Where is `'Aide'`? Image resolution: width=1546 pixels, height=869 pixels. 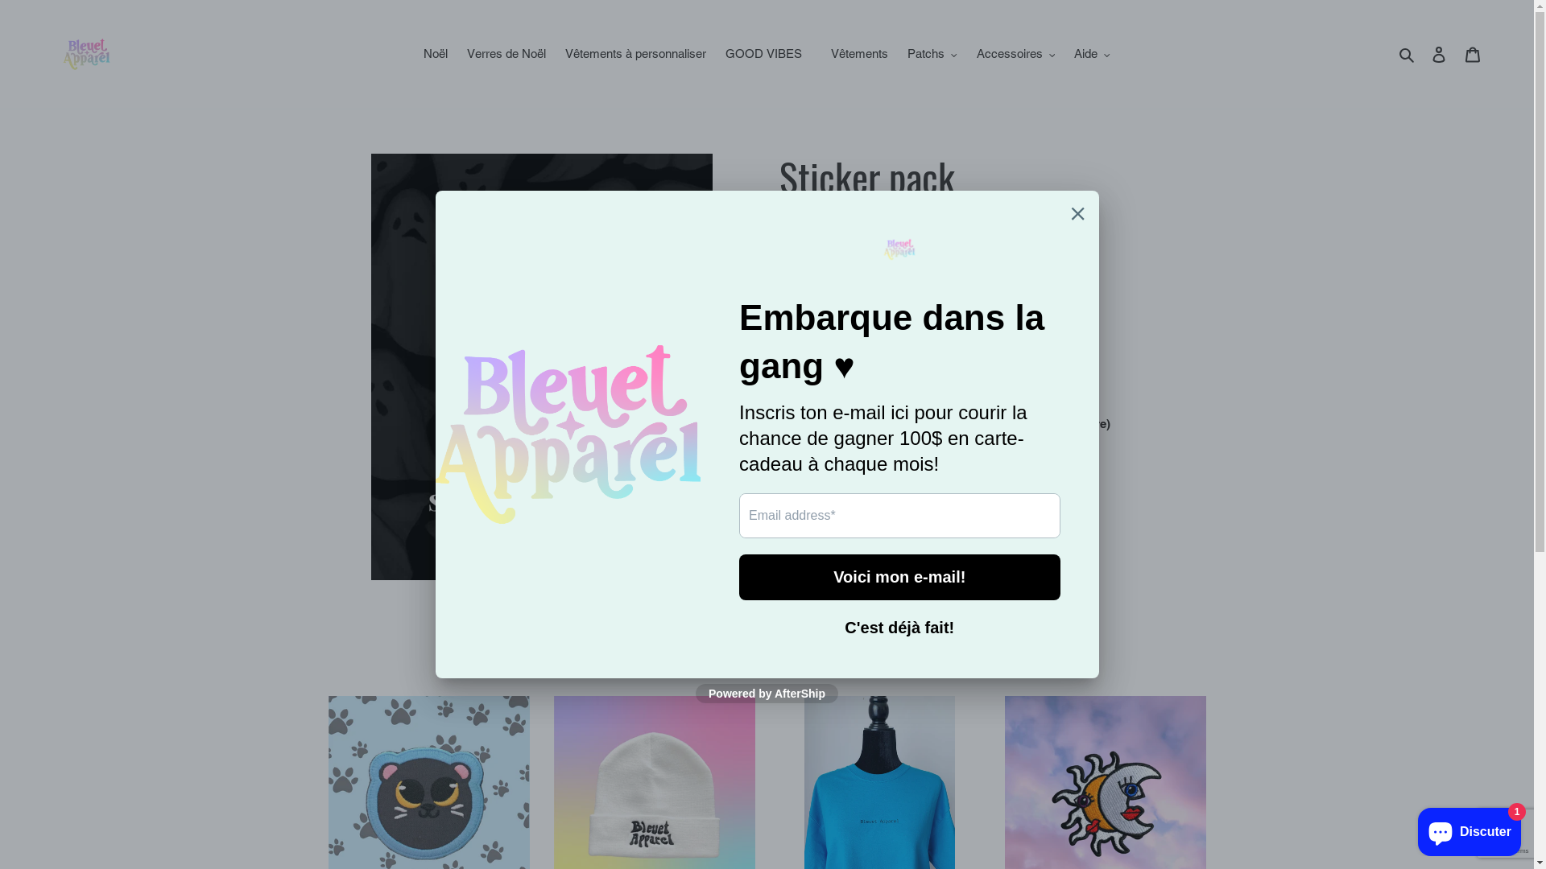 'Aide' is located at coordinates (1092, 53).